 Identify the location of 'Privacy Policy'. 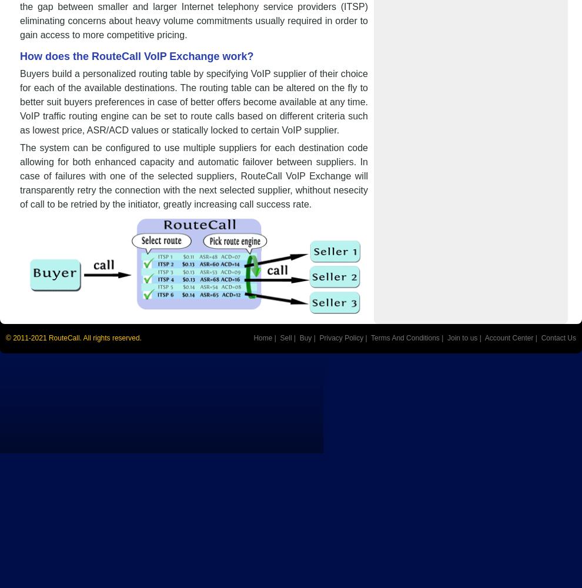
(319, 338).